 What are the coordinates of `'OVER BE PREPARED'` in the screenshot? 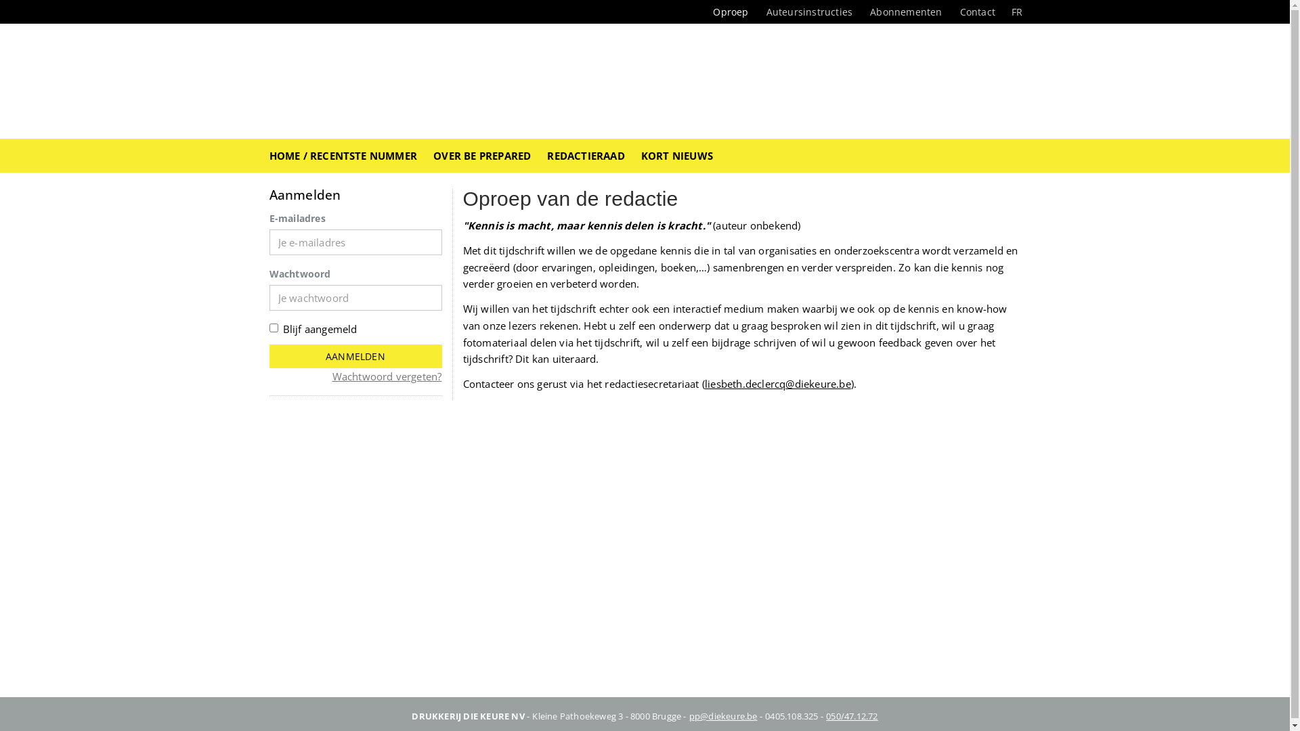 It's located at (481, 155).